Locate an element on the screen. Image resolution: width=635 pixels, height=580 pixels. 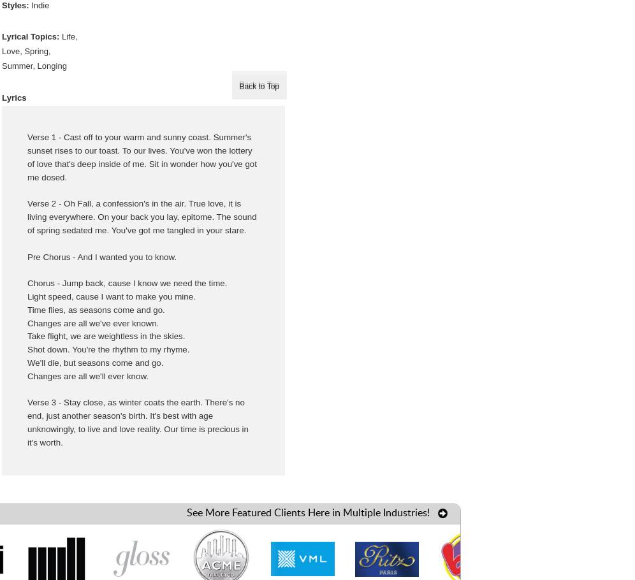
'Verse 3 - Stay close, as winter coats the earth. There's no end, just another season's birth. It's best with age unknowingly, to live and love reality. Our time is precious in it's worth.' is located at coordinates (137, 421).